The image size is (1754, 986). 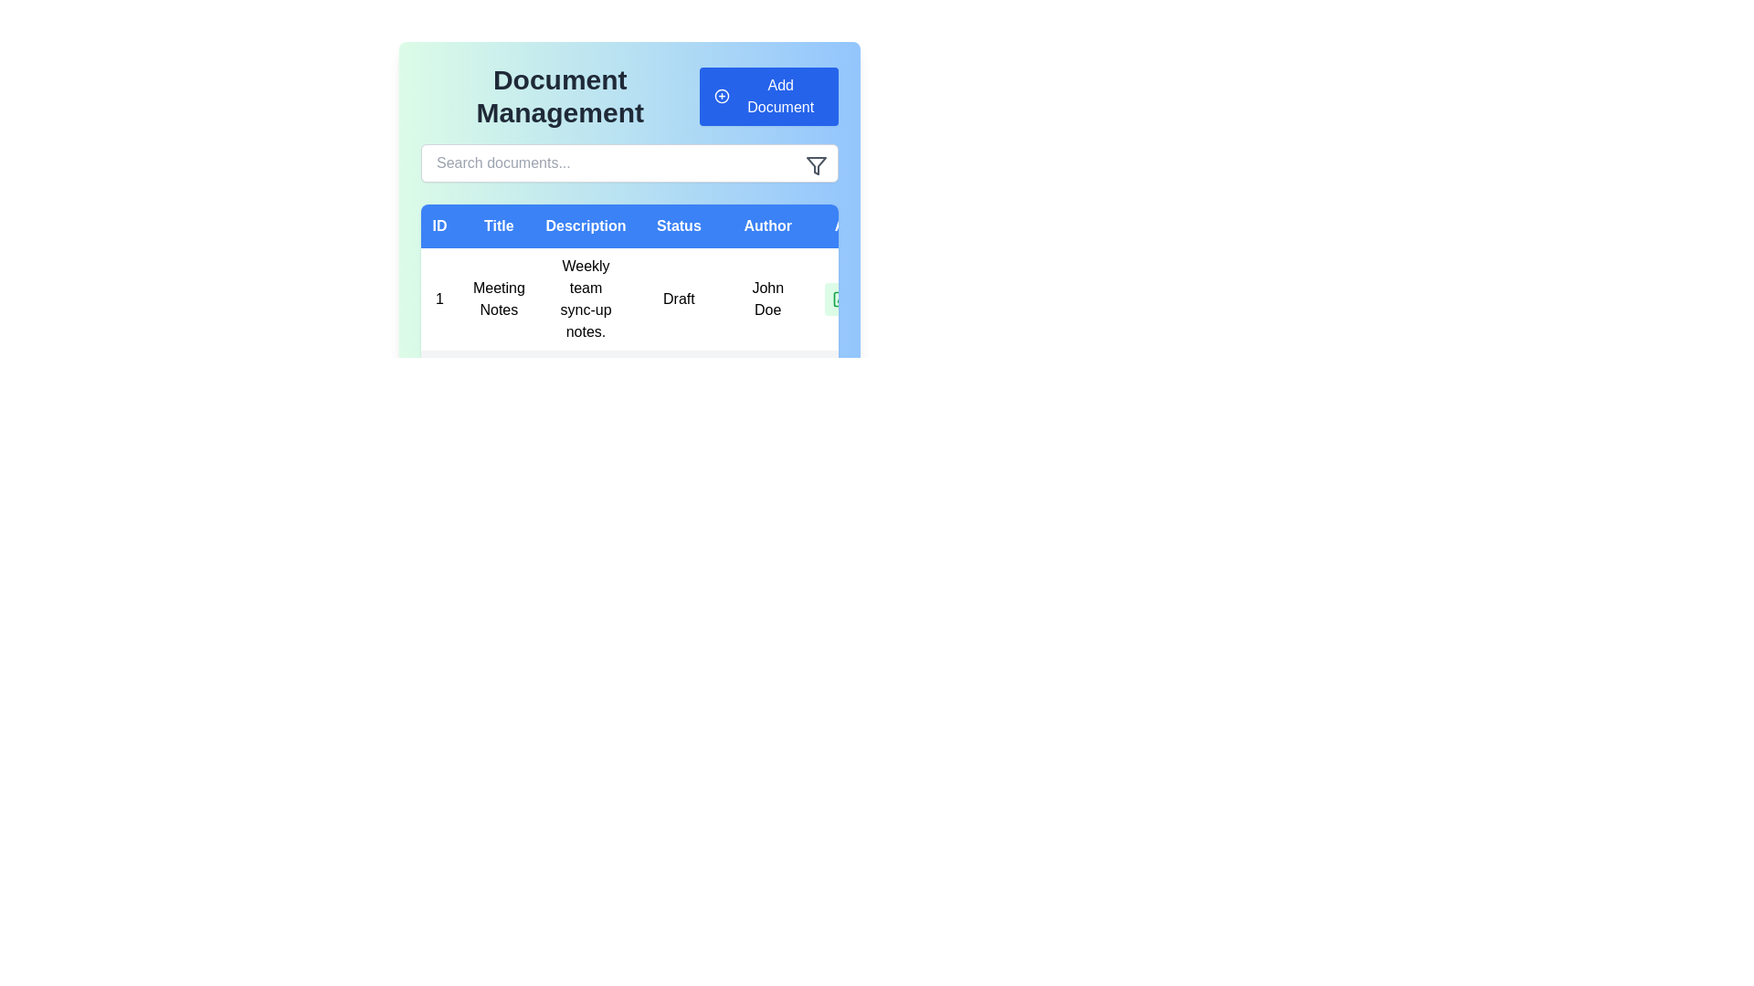 What do you see at coordinates (840, 298) in the screenshot?
I see `the edit icon button, which is a small green square with a pen inside, located at the end of the row for 'Meeting Notes'` at bounding box center [840, 298].